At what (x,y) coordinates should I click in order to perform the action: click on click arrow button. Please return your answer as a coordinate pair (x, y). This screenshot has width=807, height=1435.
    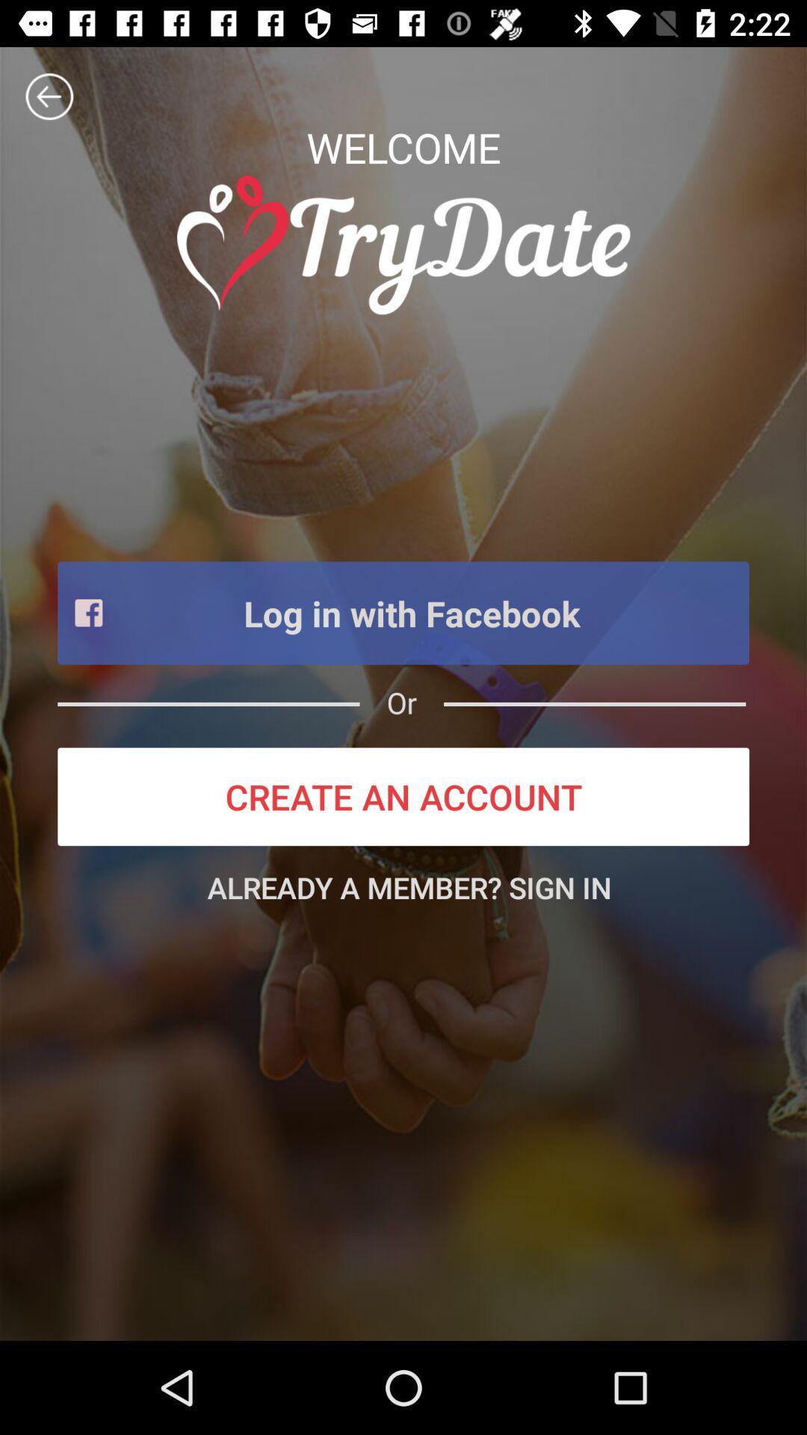
    Looking at the image, I should click on (49, 96).